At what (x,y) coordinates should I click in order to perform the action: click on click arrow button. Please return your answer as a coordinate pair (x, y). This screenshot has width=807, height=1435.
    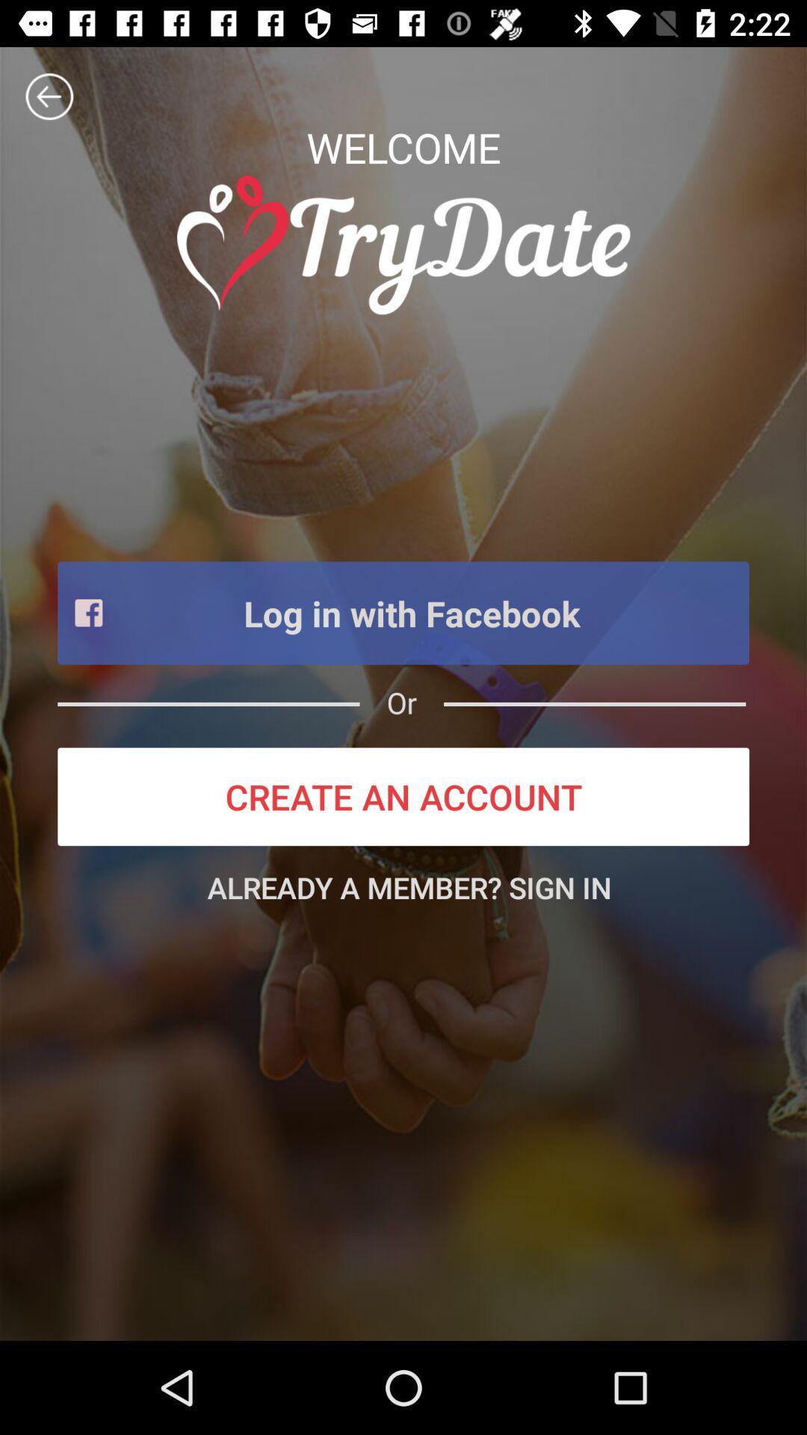
    Looking at the image, I should click on (49, 96).